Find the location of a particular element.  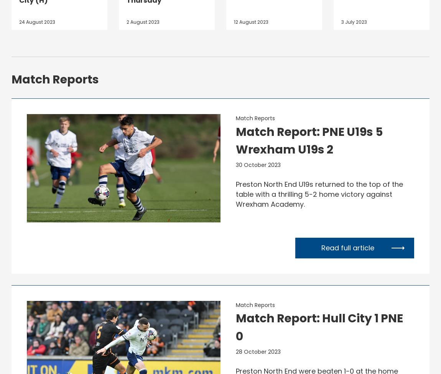

'Read full article' is located at coordinates (347, 247).